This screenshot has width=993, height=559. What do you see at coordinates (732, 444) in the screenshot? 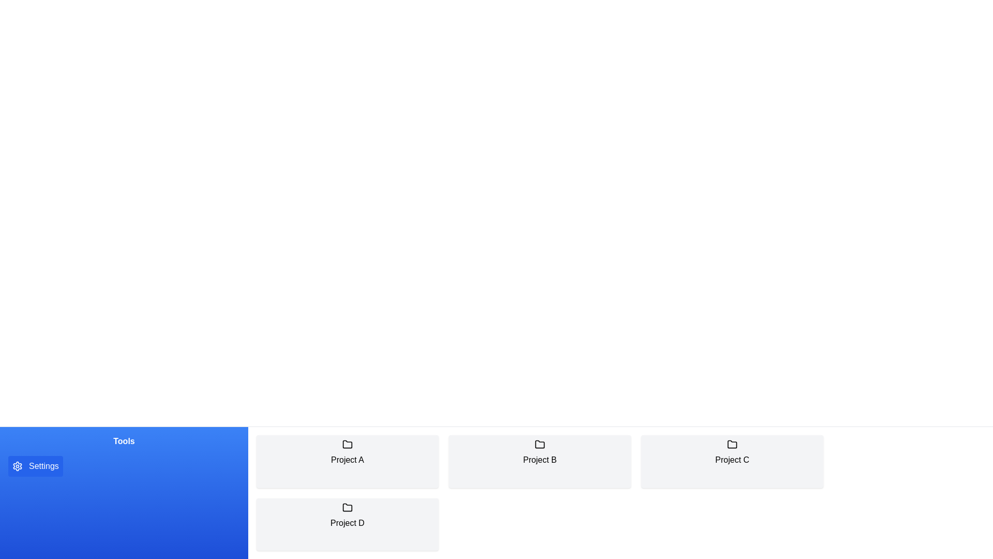
I see `the project directory icon representing 'Project C' to interact with the corresponding project` at bounding box center [732, 444].